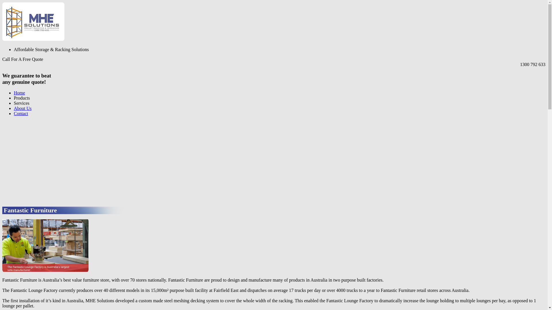  Describe the element at coordinates (14, 103) in the screenshot. I see `'Services'` at that location.